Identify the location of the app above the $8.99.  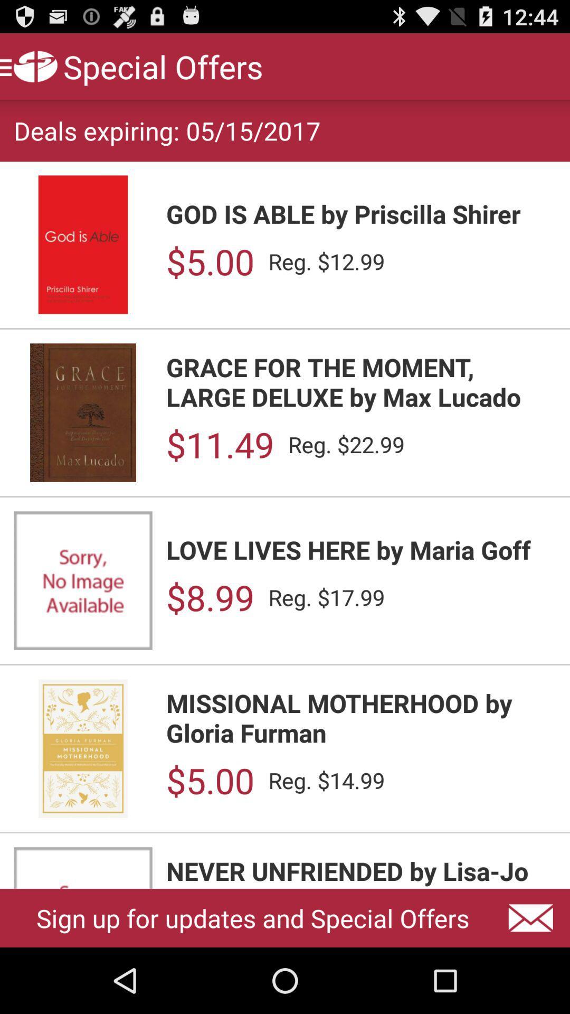
(360, 549).